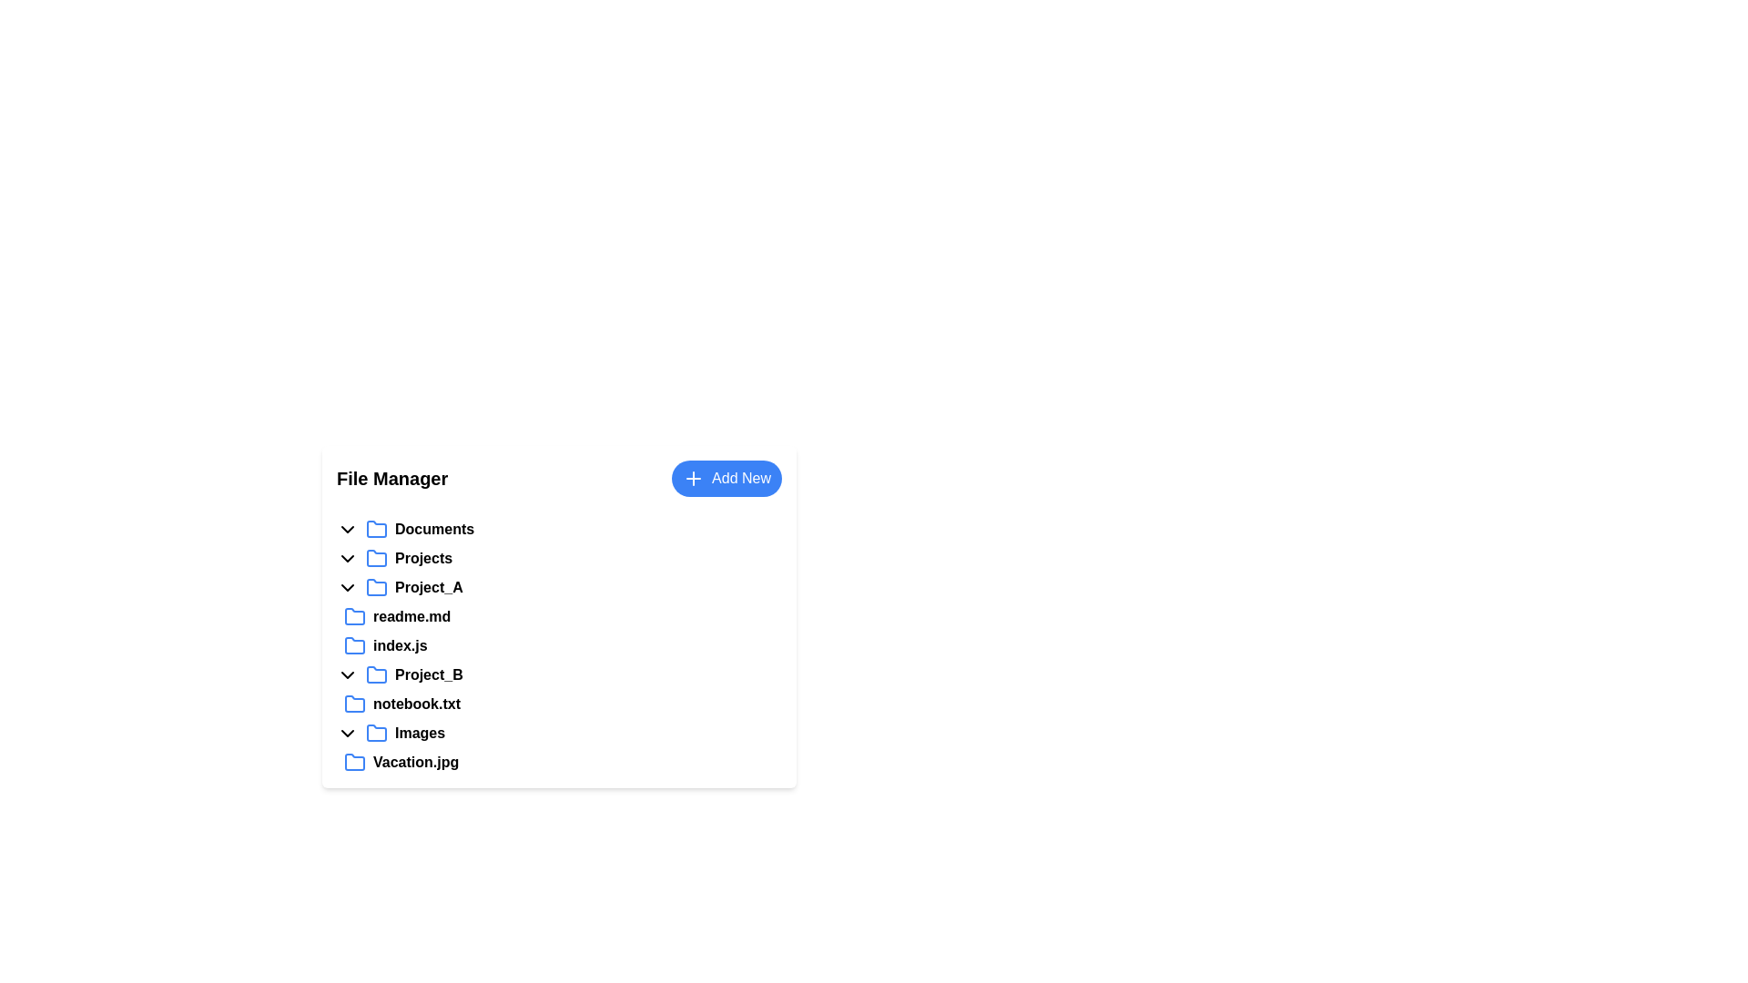 This screenshot has width=1748, height=983. Describe the element at coordinates (558, 762) in the screenshot. I see `the file entry labeled 'Vacation.jpg' located under the 'Images' section` at that location.